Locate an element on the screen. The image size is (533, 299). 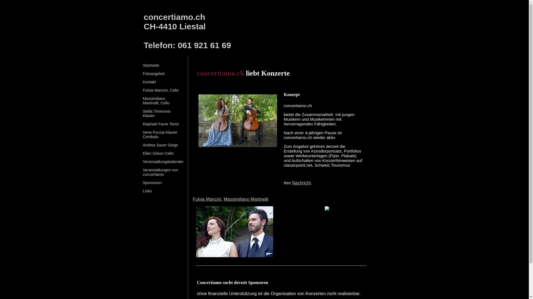
'Massimiliano Martinelli, Cello' is located at coordinates (155, 102).